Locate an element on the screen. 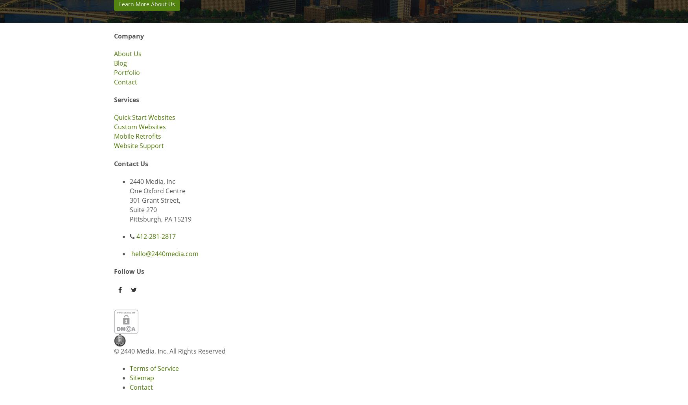 This screenshot has height=405, width=688. 'Custom Websites' is located at coordinates (140, 126).